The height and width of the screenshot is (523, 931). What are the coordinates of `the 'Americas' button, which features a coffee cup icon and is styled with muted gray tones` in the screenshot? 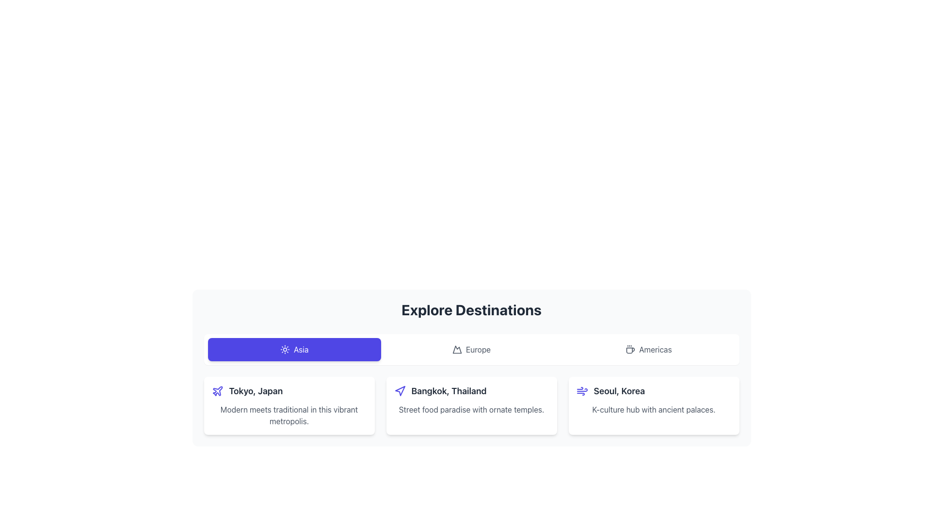 It's located at (648, 349).